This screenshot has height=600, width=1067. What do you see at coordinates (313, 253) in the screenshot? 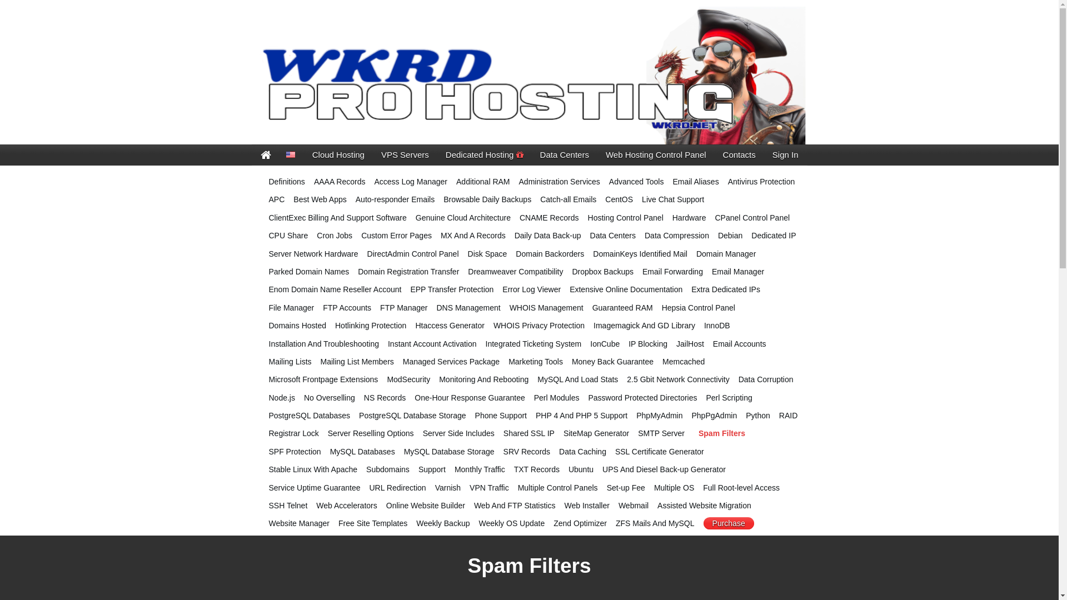
I see `'Server Network Hardware'` at bounding box center [313, 253].